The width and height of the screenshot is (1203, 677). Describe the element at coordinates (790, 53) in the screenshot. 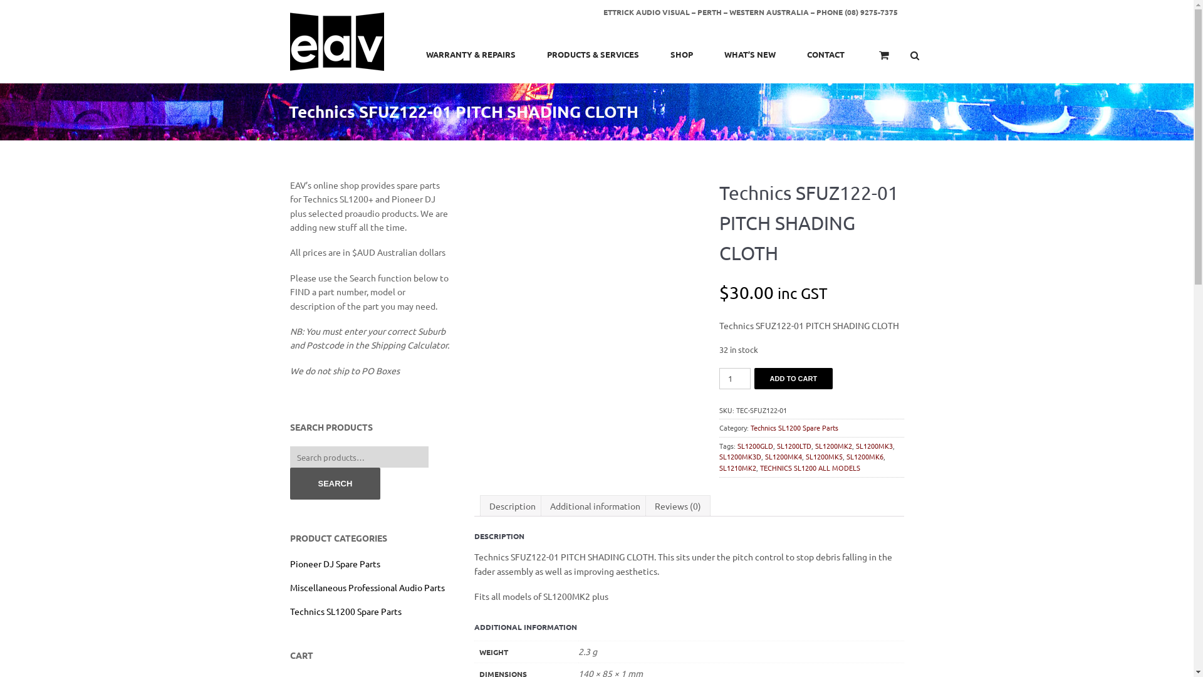

I see `'CONTACT'` at that location.